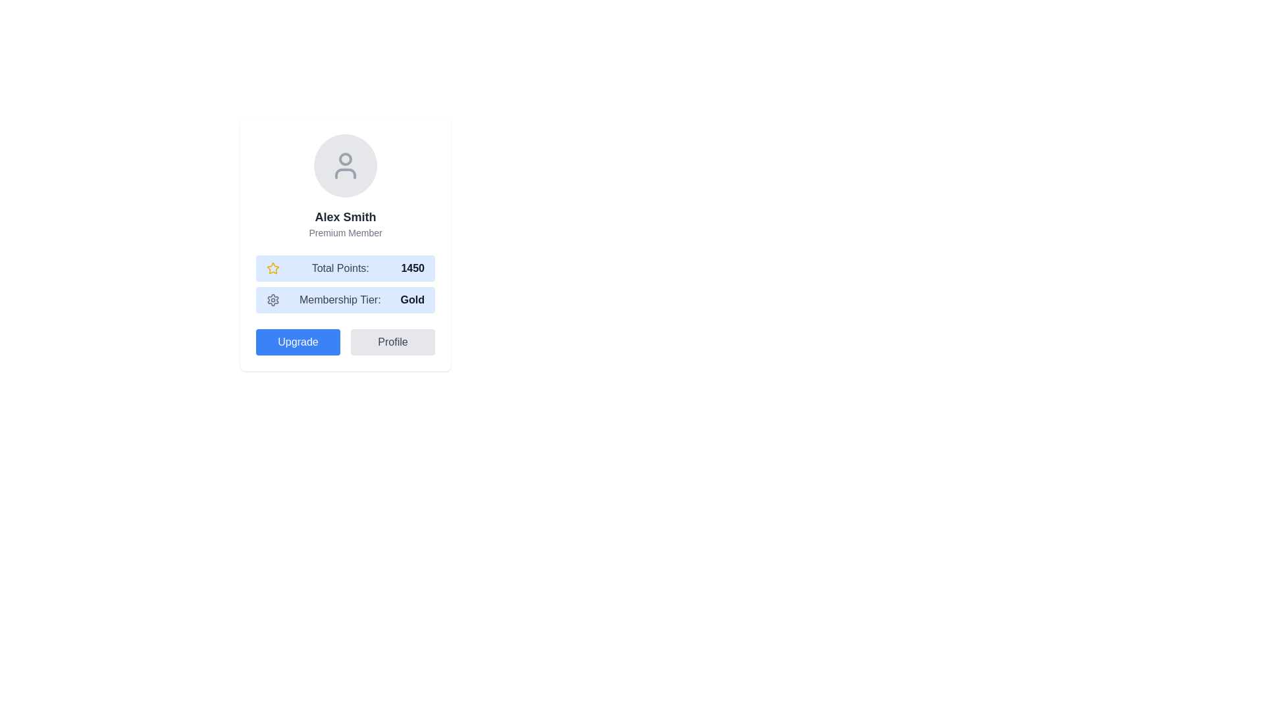 The width and height of the screenshot is (1264, 711). What do you see at coordinates (345, 268) in the screenshot?
I see `the Display section (informational) that has a light blue background, rounded corners, contains a yellow star icon, and displays 'Total Points: 1450'` at bounding box center [345, 268].